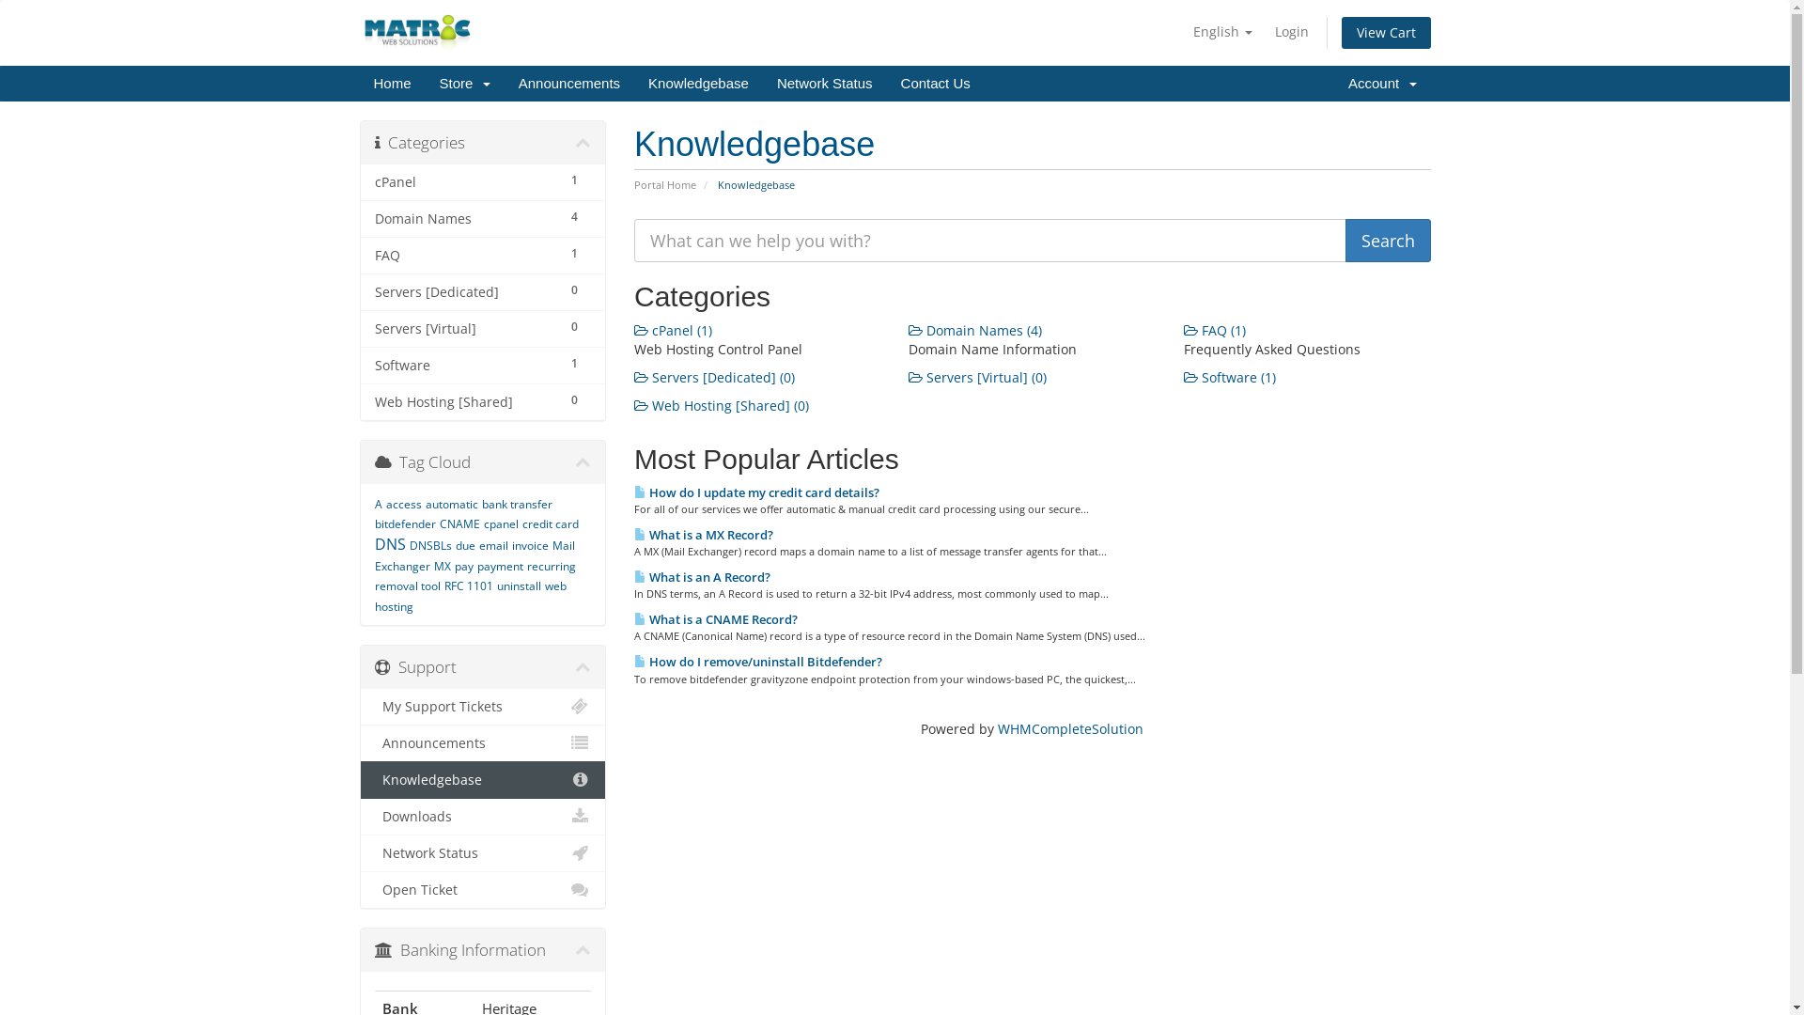 Image resolution: width=1804 pixels, height=1015 pixels. I want to click on 'FAQ (1)', so click(1214, 329).